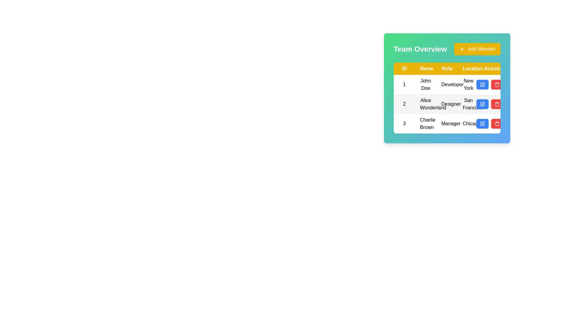 The image size is (586, 330). I want to click on the location information text for 'John Doe' in the fourth column of the first row of the table, which is positioned to the right of the 'Role' column reading 'Developer', so click(468, 85).